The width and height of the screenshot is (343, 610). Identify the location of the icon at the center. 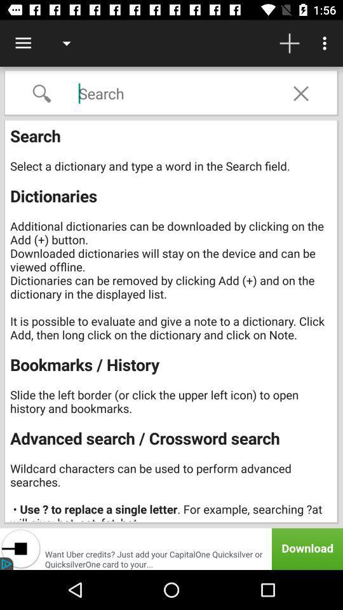
(171, 322).